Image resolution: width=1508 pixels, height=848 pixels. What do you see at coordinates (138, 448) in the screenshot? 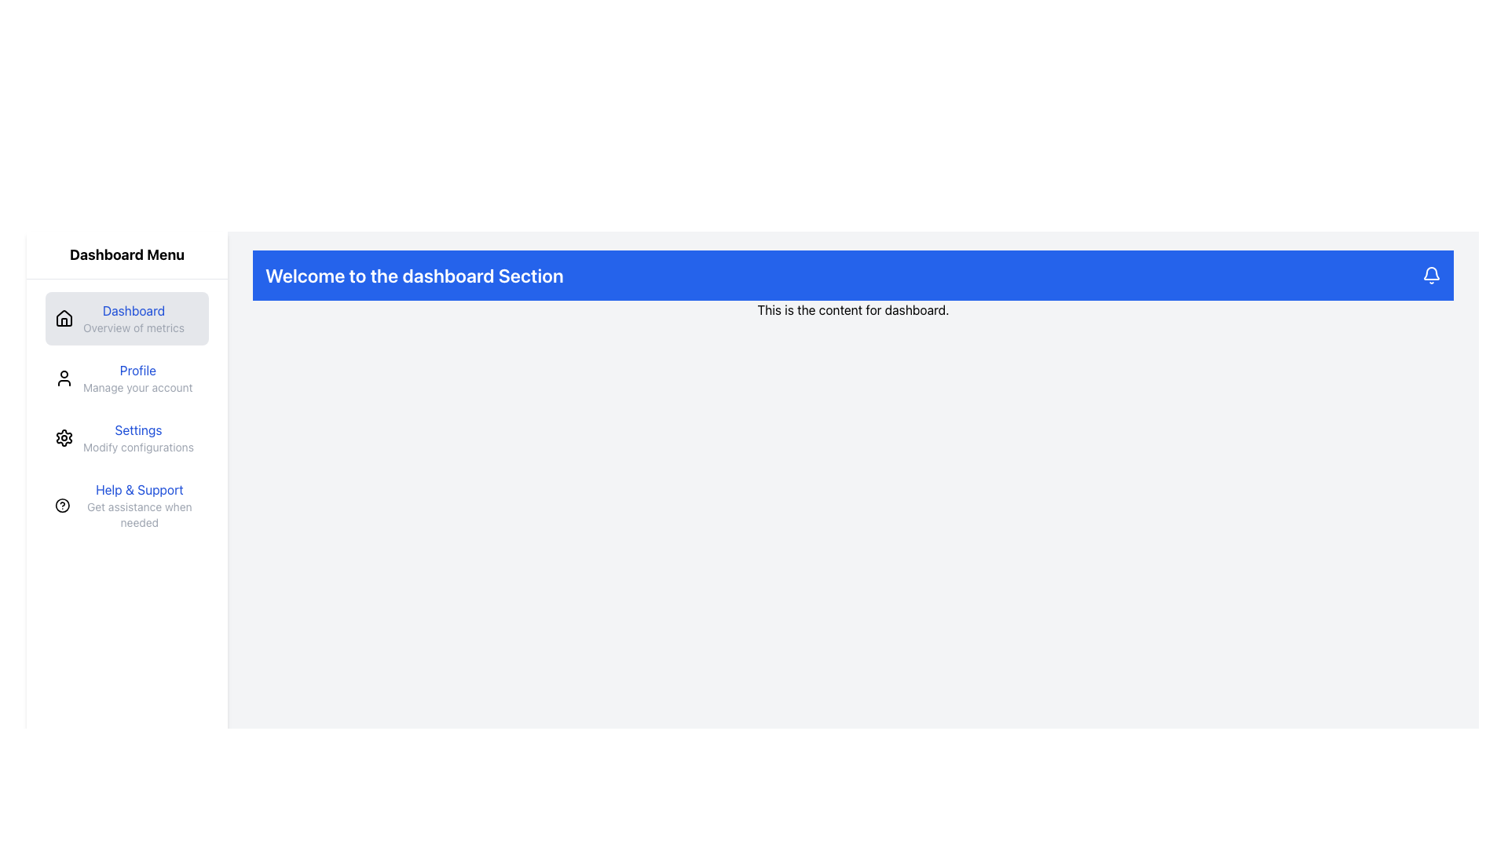
I see `descriptive text label located in the left-hand sidebar beneath the 'Settings' label and icon, which provides information about the 'Settings' section` at bounding box center [138, 448].